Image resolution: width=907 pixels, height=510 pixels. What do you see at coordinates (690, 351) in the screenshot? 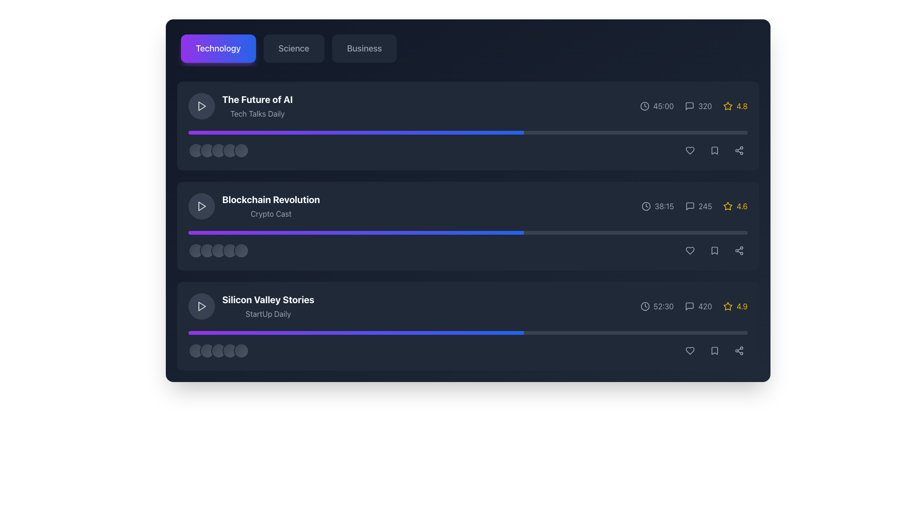
I see `the 'like' icon button located at the bottom-right of the third content item in the list layout` at bounding box center [690, 351].